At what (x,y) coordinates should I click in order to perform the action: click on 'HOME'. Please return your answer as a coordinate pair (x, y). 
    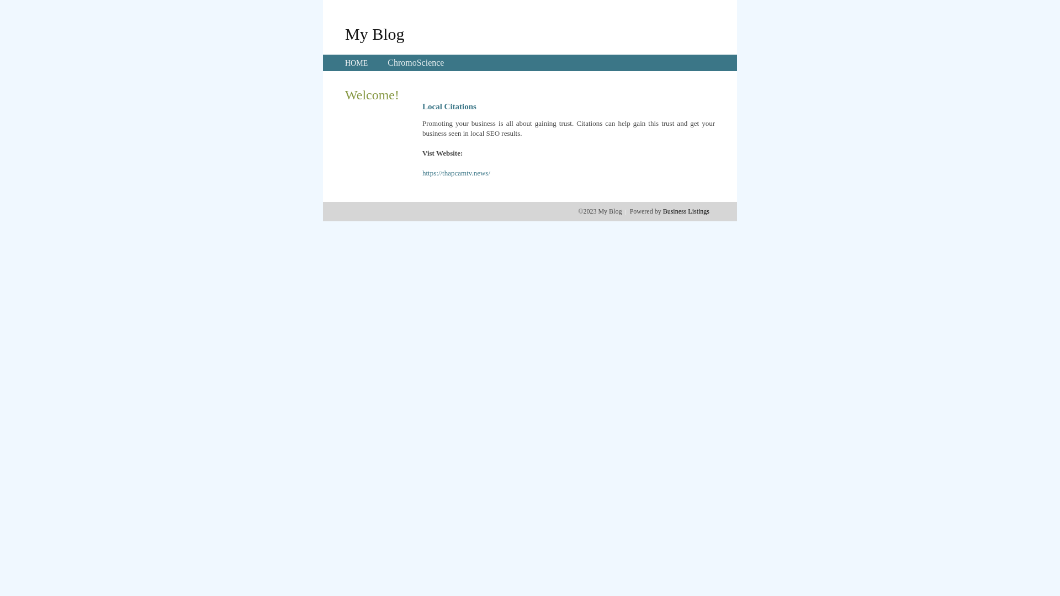
    Looking at the image, I should click on (356, 63).